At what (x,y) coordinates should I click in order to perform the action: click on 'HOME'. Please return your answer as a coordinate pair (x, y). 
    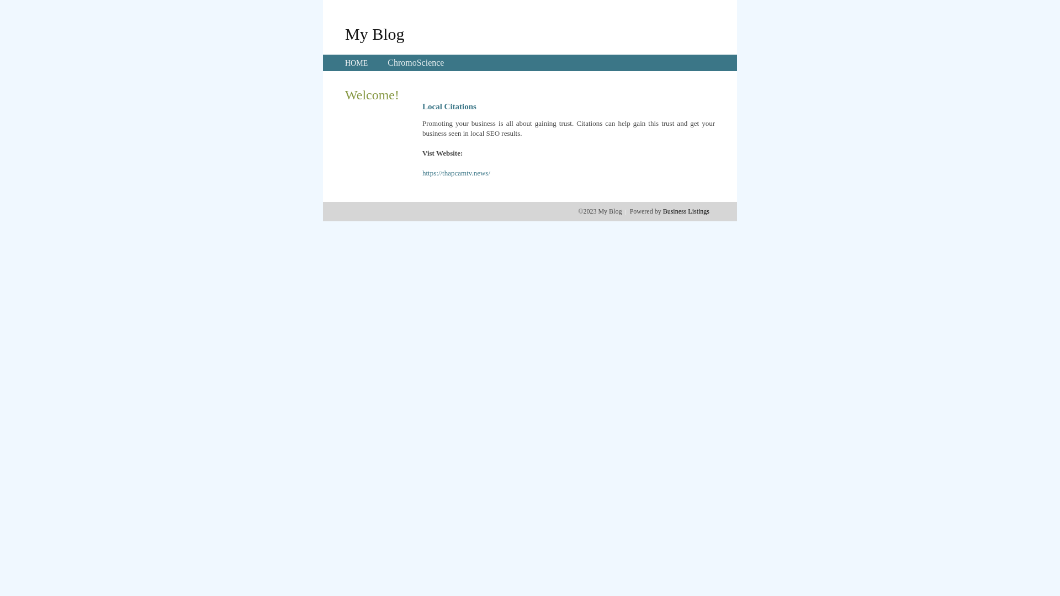
    Looking at the image, I should click on (356, 63).